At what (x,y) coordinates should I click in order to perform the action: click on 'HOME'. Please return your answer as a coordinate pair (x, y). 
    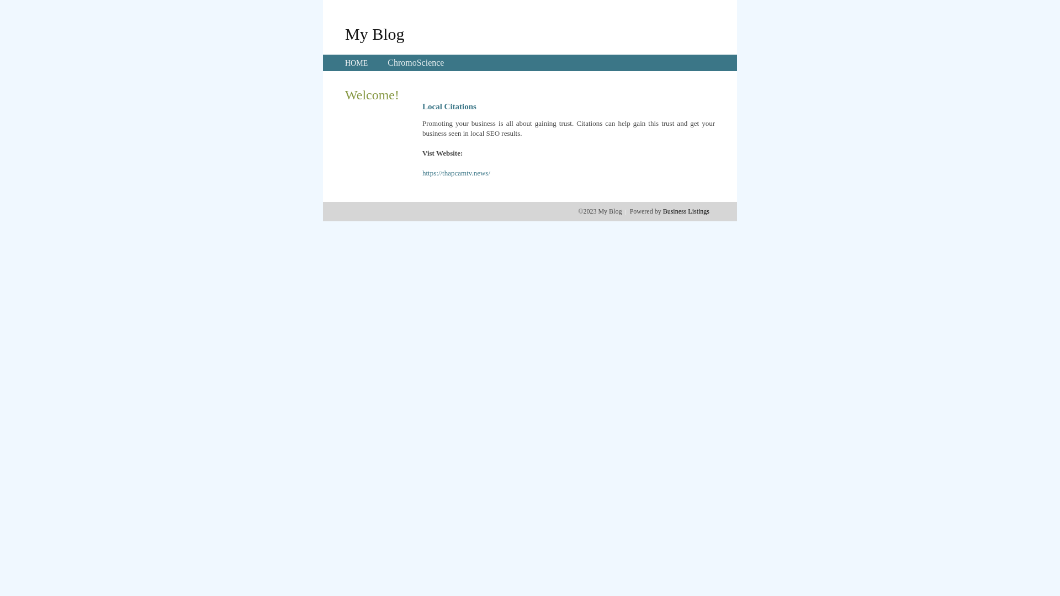
    Looking at the image, I should click on (356, 63).